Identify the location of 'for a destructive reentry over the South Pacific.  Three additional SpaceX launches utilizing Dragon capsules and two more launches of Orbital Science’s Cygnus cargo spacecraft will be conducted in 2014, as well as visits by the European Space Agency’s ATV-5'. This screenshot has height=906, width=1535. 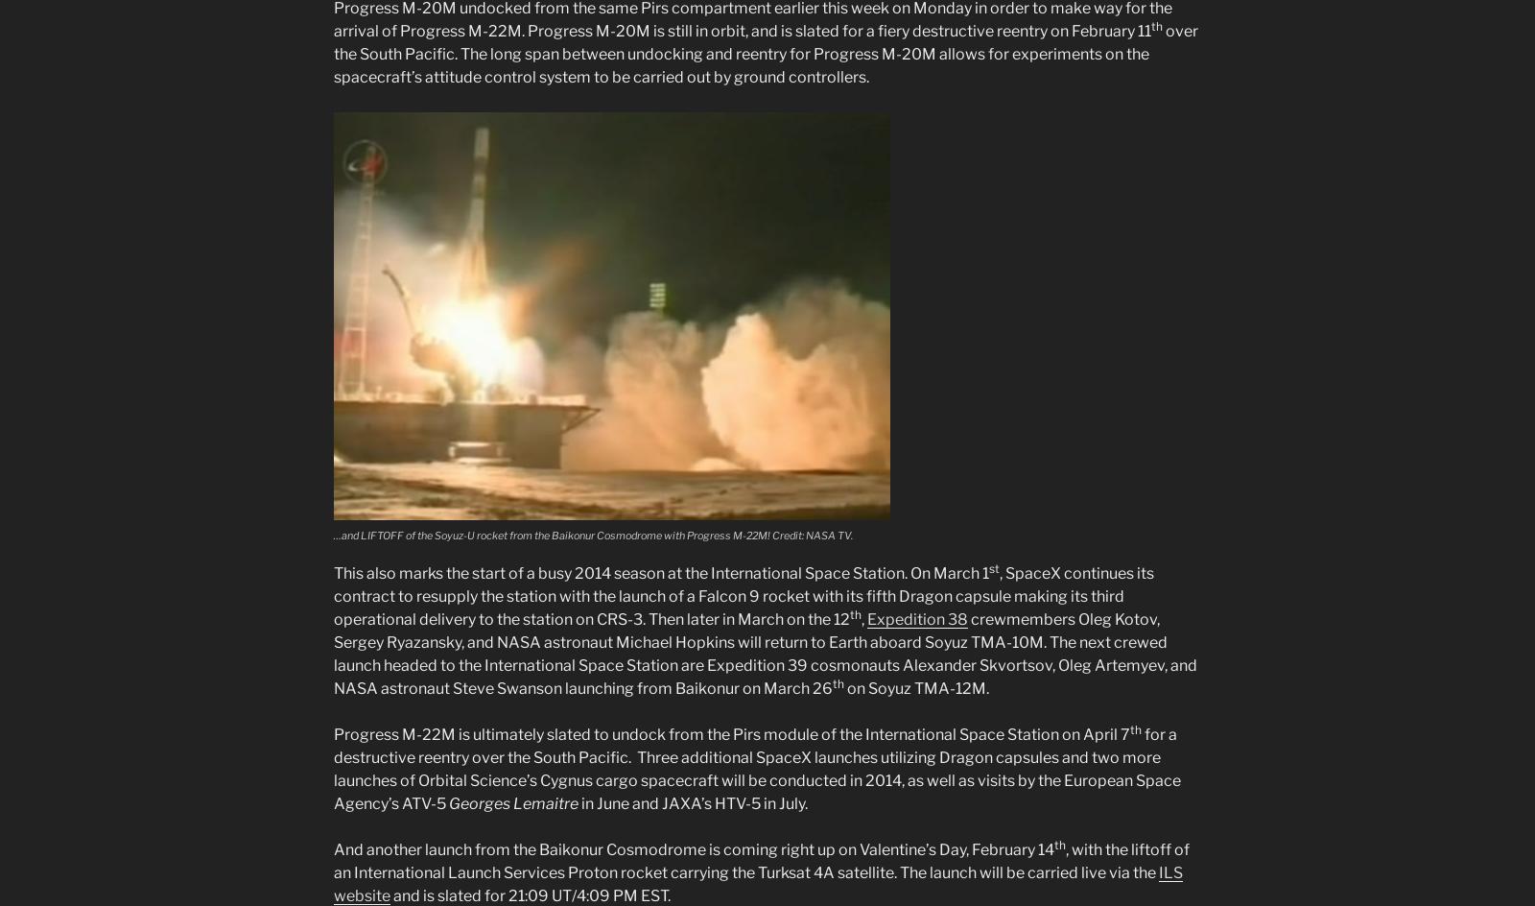
(757, 768).